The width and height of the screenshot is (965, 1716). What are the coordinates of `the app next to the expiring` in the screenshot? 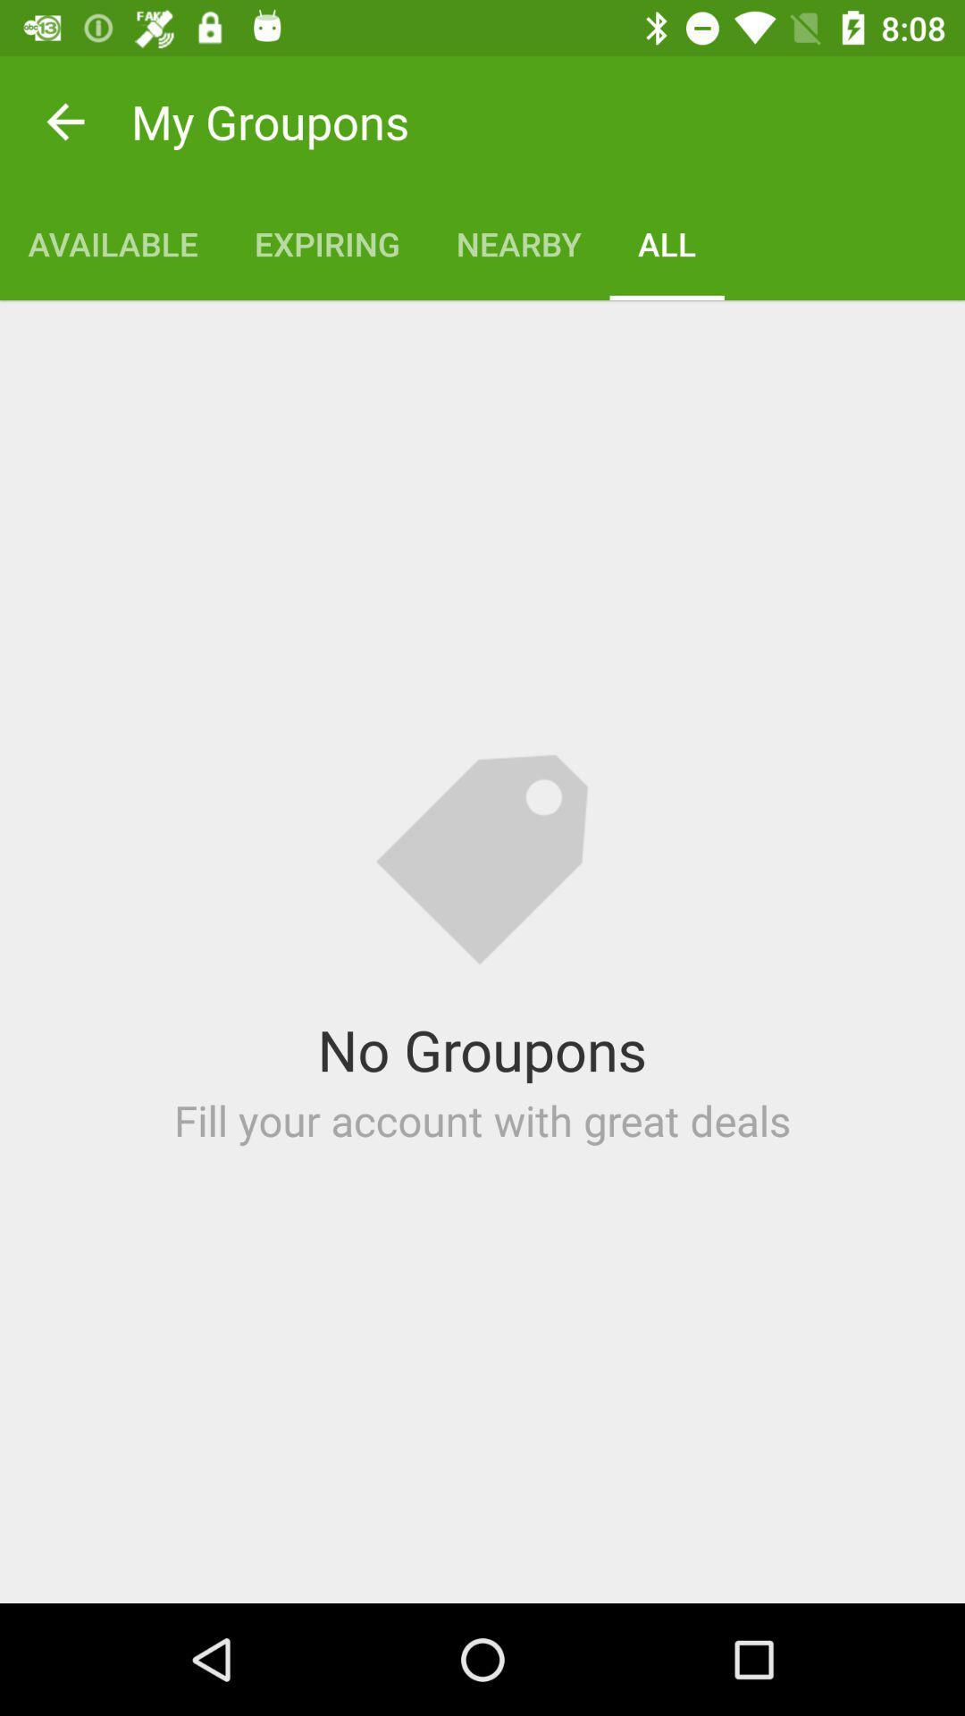 It's located at (518, 243).